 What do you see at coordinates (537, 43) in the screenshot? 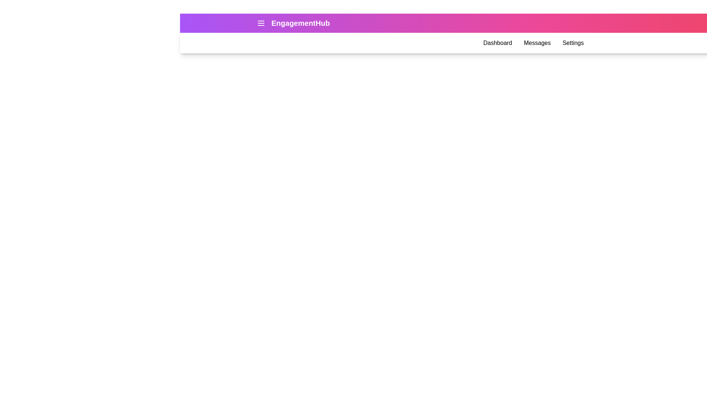
I see `the navigation link Messages to observe the visual feedback` at bounding box center [537, 43].